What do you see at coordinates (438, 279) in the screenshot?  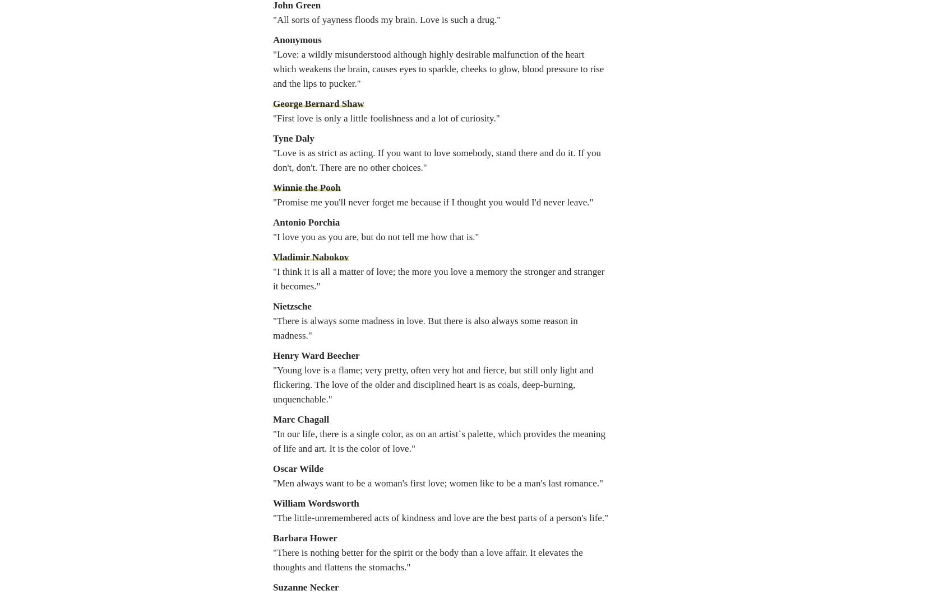 I see `'"I think it is all a matter of love; the more you love a memory the stronger and stranger it becomes."'` at bounding box center [438, 279].